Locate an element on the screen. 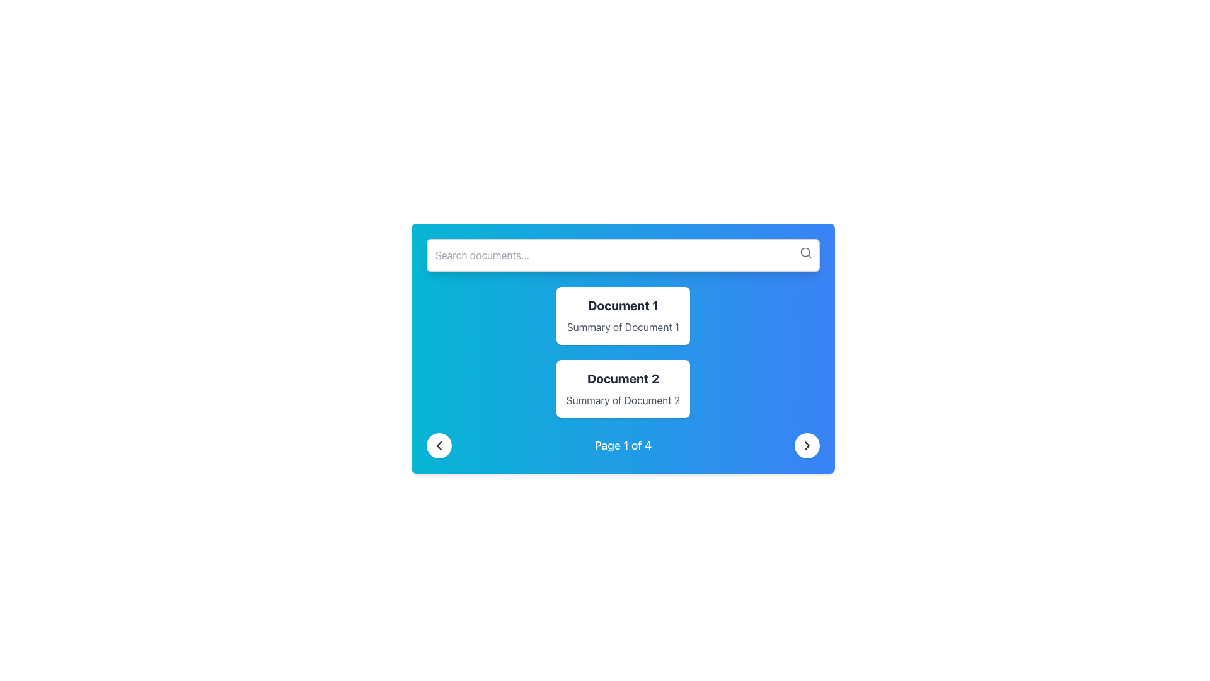  text content of the label displaying 'Summary of Document 1' located beneath the title 'Document 1' in a lighter shade of gray is located at coordinates (623, 327).